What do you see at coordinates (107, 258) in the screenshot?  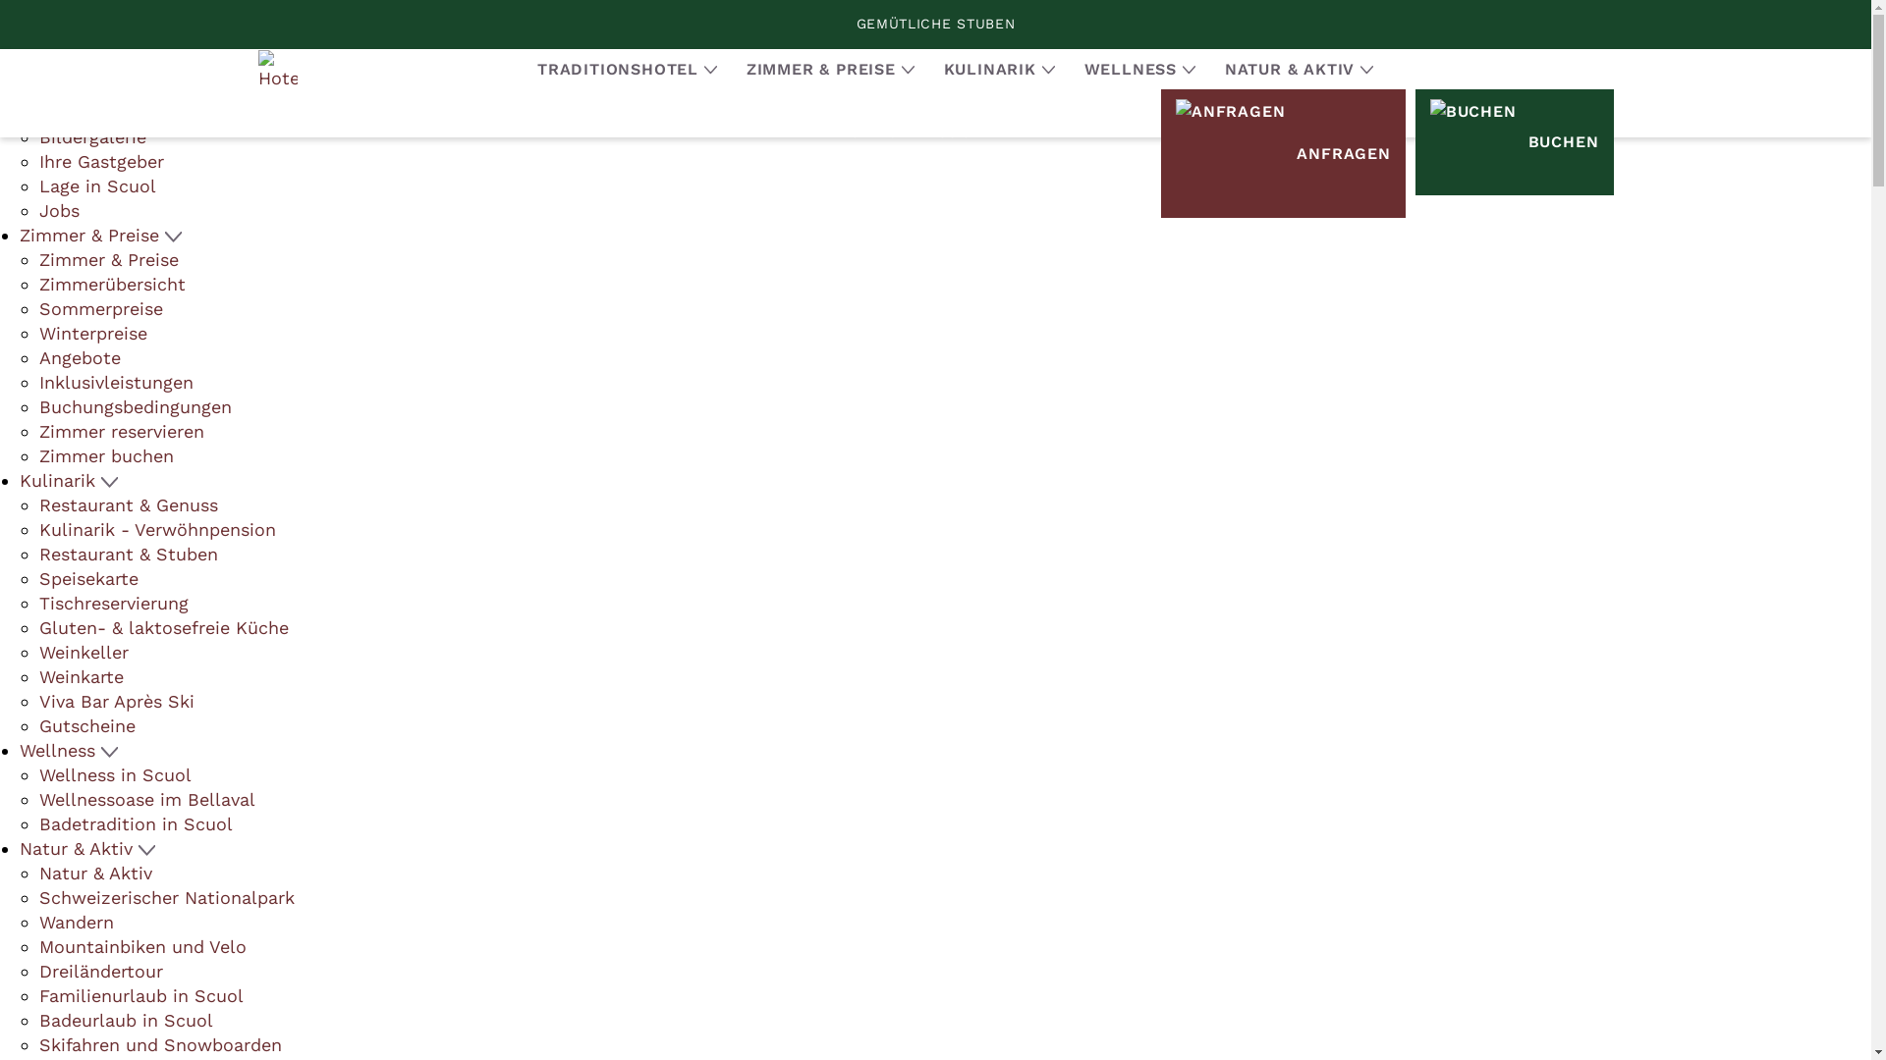 I see `'Zimmer & Preise'` at bounding box center [107, 258].